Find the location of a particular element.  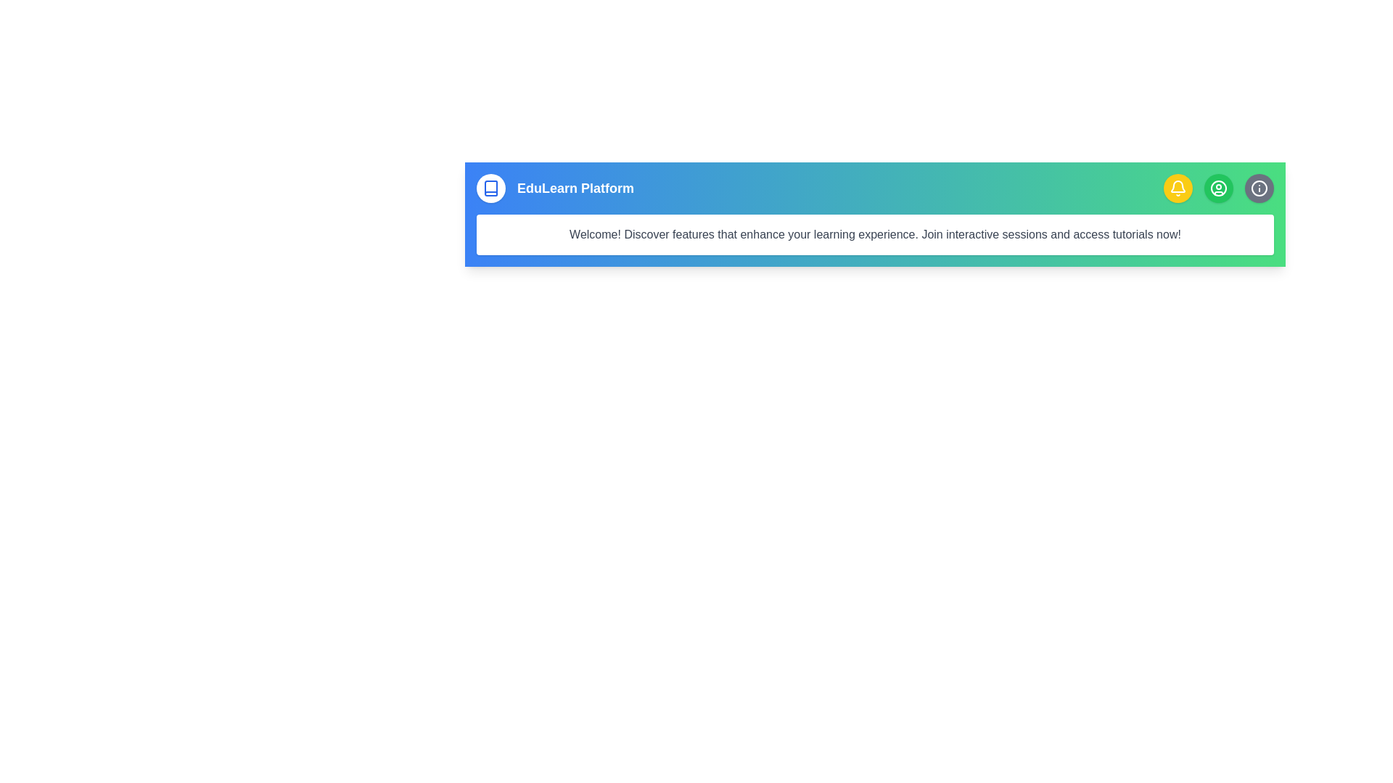

the book icon button to navigate to the learning resources section is located at coordinates (490, 187).